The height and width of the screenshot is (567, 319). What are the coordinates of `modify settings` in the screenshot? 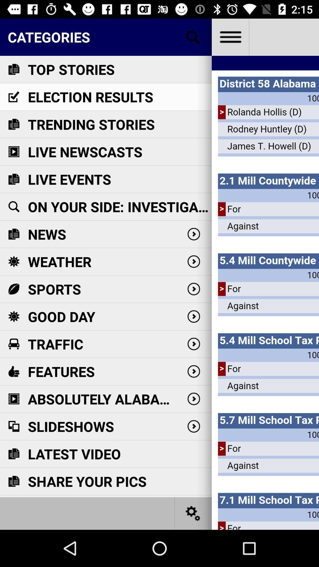 It's located at (193, 513).